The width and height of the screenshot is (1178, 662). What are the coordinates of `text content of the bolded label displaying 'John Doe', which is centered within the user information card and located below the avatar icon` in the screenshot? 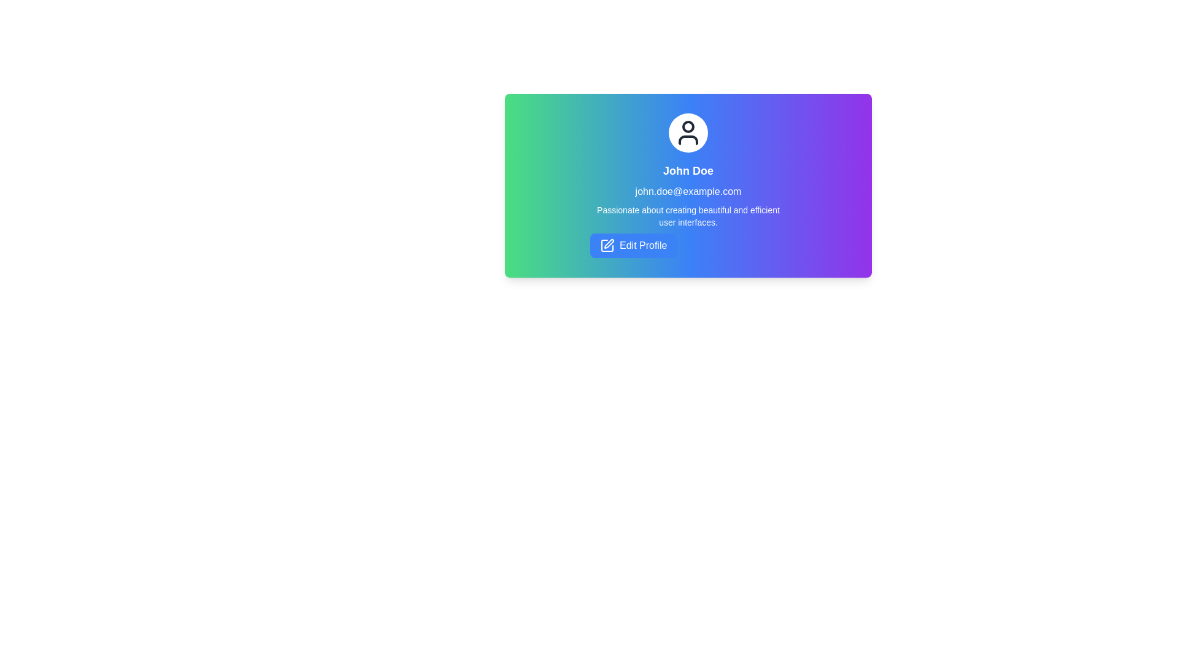 It's located at (688, 170).